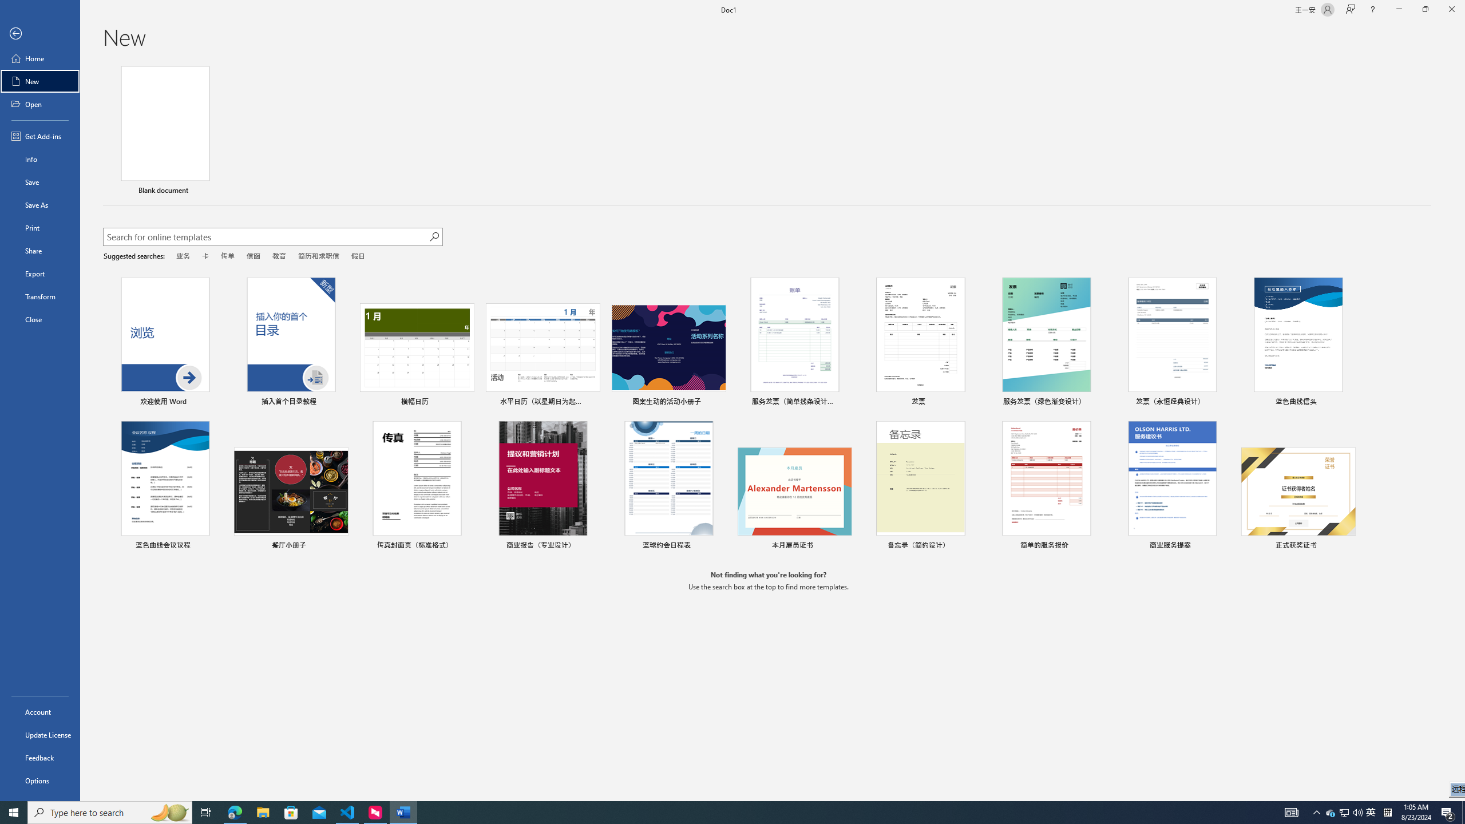  I want to click on 'Open', so click(39, 103).